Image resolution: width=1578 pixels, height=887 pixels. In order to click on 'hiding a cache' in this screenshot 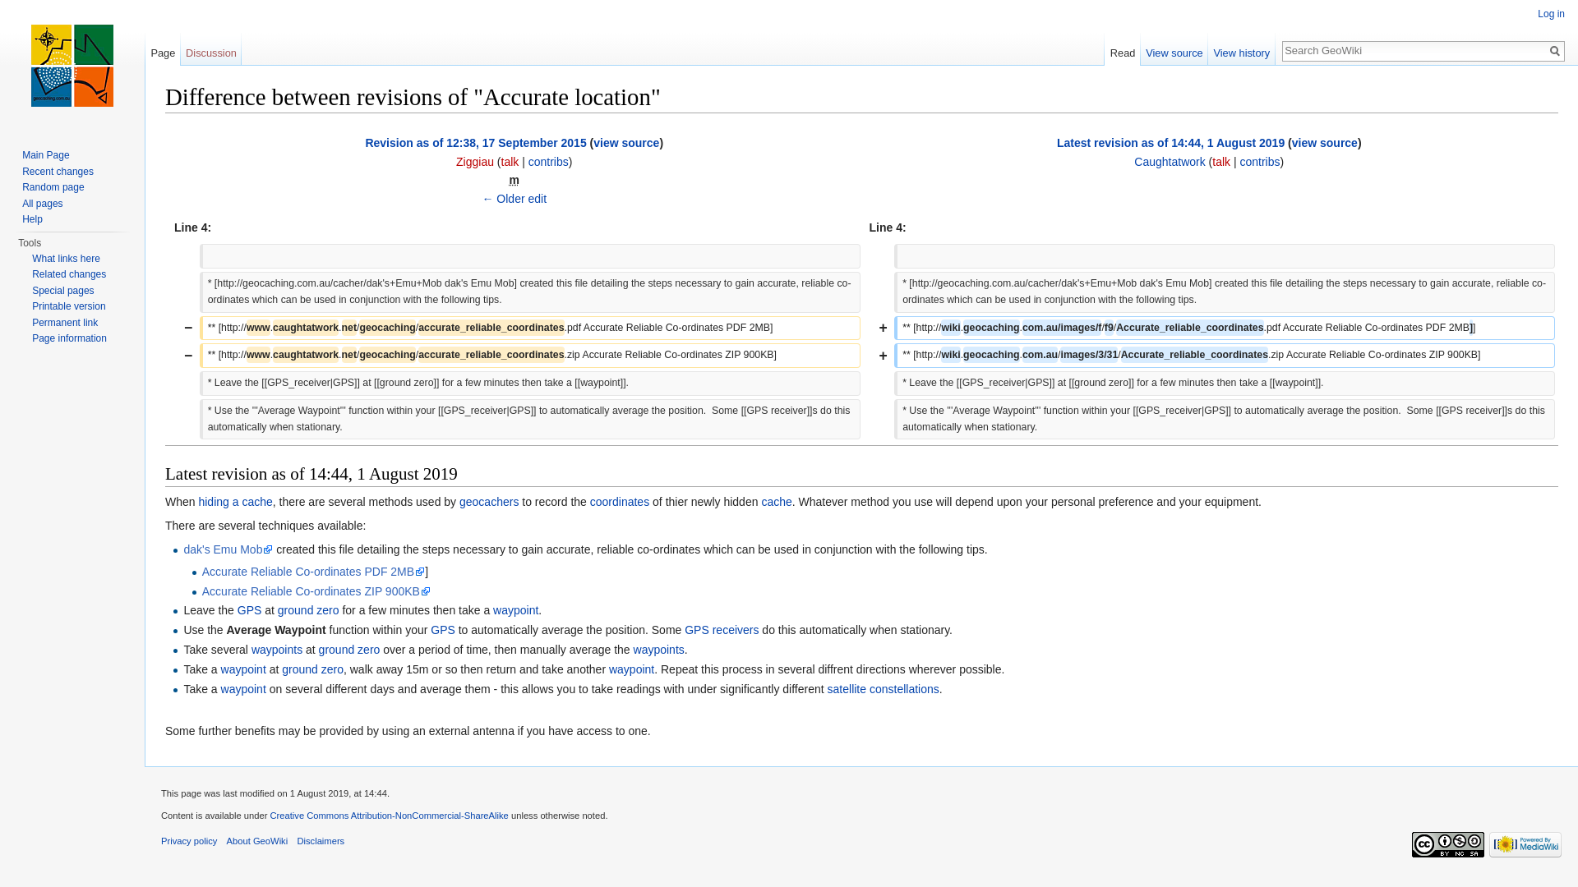, I will do `click(234, 500)`.